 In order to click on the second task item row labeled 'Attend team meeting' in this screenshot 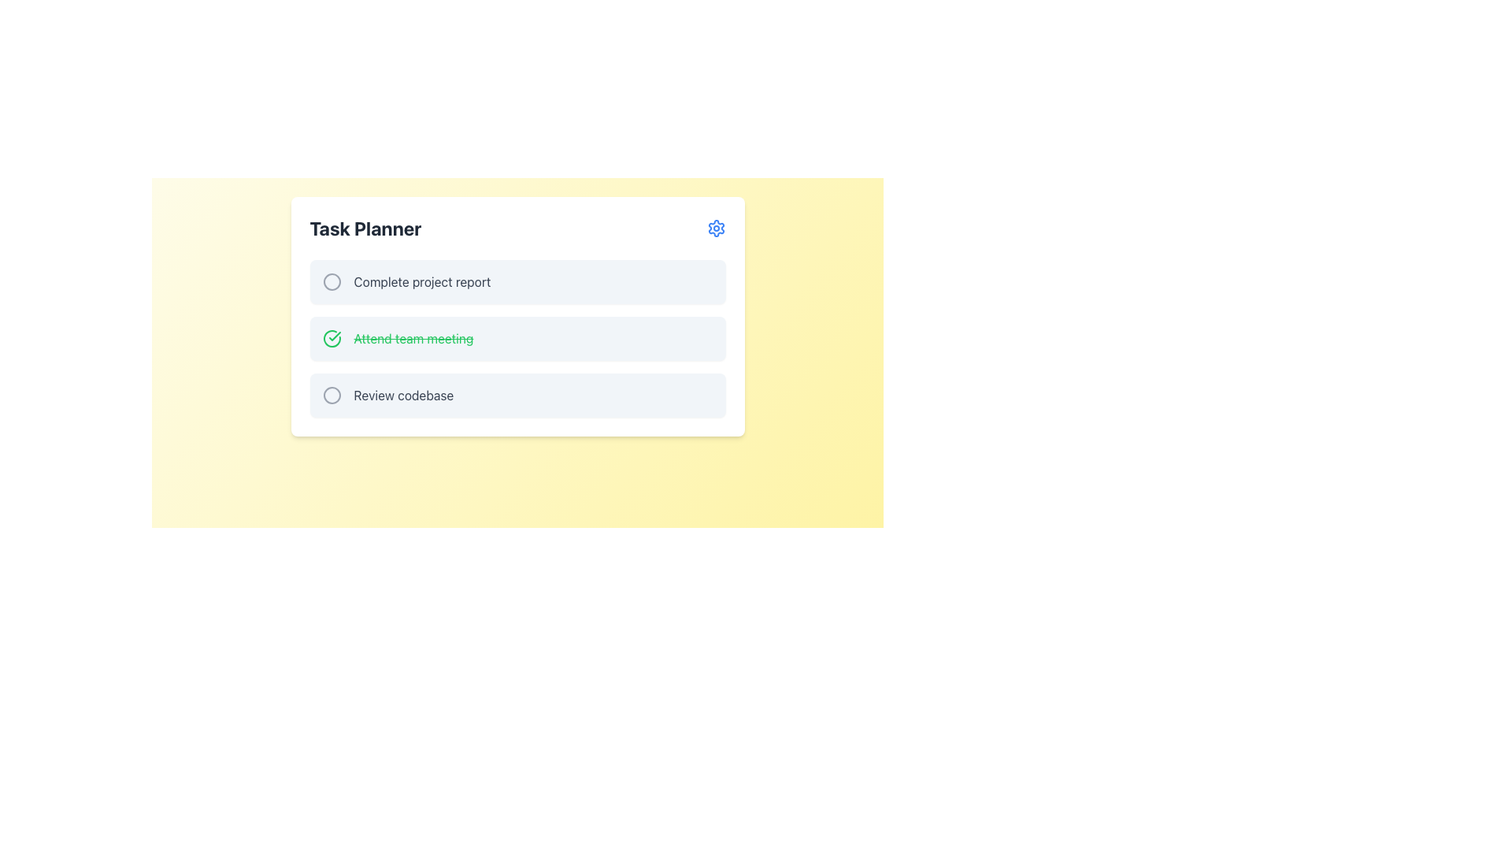, I will do `click(517, 337)`.